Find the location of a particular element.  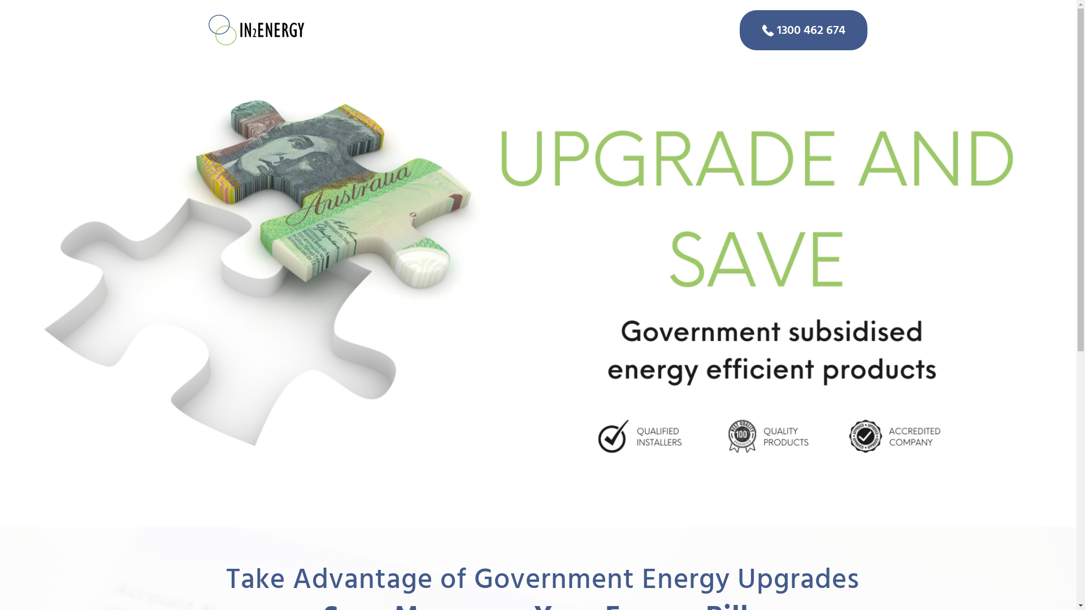

'1300 462 674' is located at coordinates (802, 29).